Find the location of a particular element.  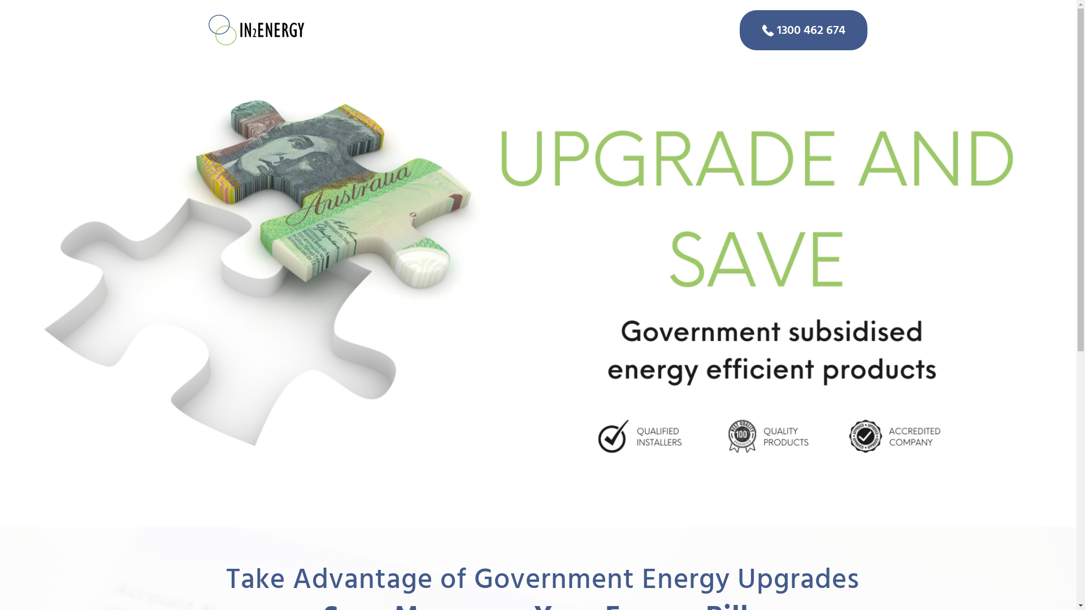

'1300 462 674' is located at coordinates (802, 29).